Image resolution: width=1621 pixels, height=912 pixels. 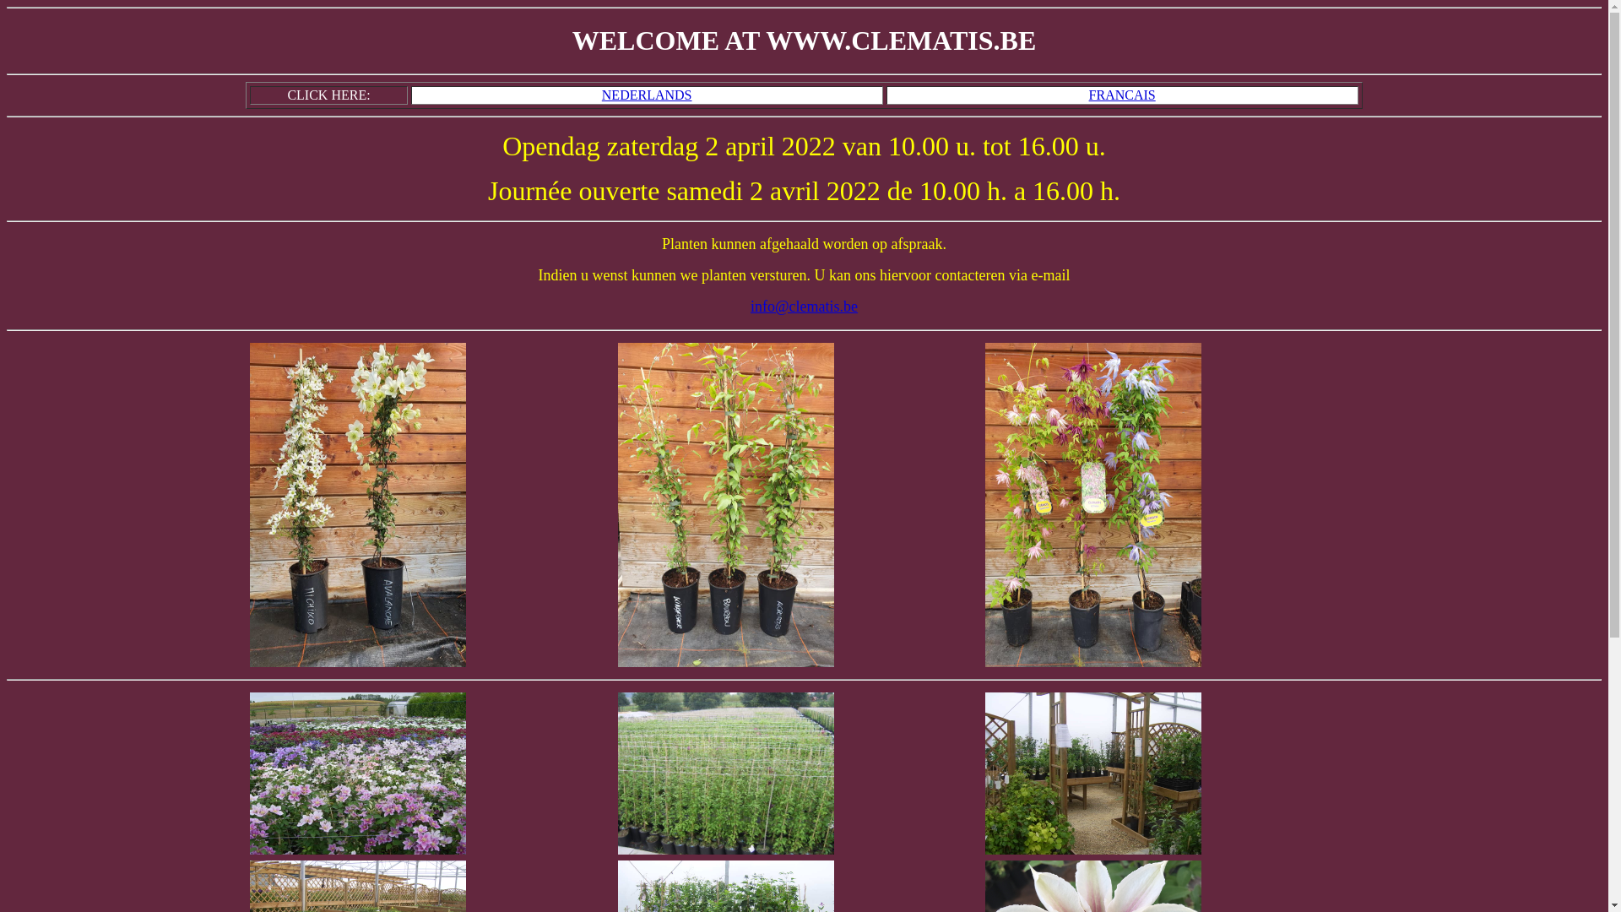 I want to click on 'info@clematis.be', so click(x=749, y=306).